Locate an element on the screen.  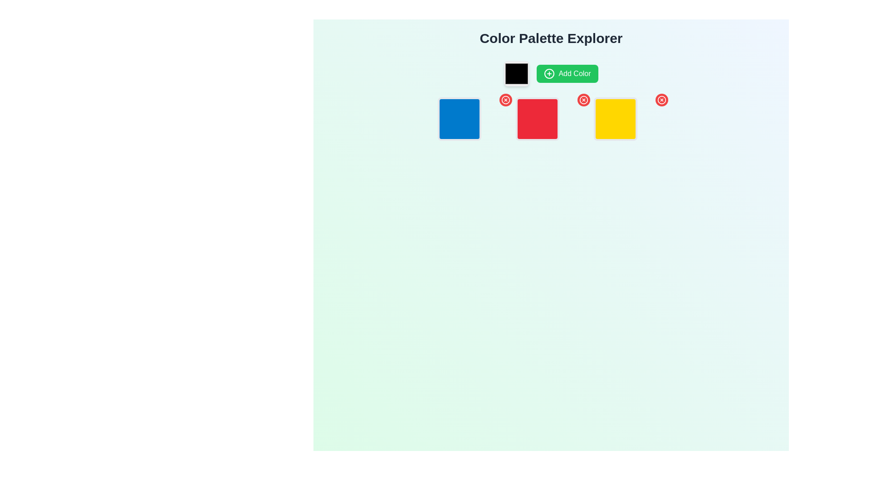
the first color display element is located at coordinates (459, 118).